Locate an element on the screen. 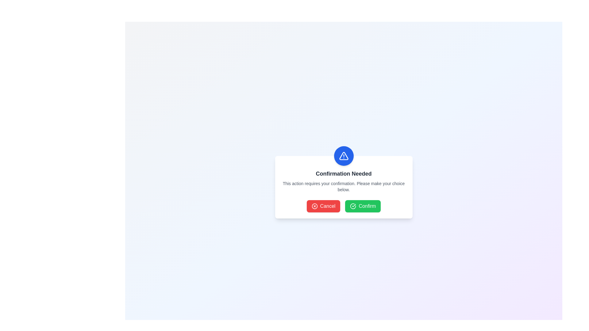 Image resolution: width=589 pixels, height=331 pixels. the triangular warning icon with a blue background and white outline, featuring an exclamation mark at the center, which is located in the upper-middle section of the confirmation dialog is located at coordinates (344, 156).